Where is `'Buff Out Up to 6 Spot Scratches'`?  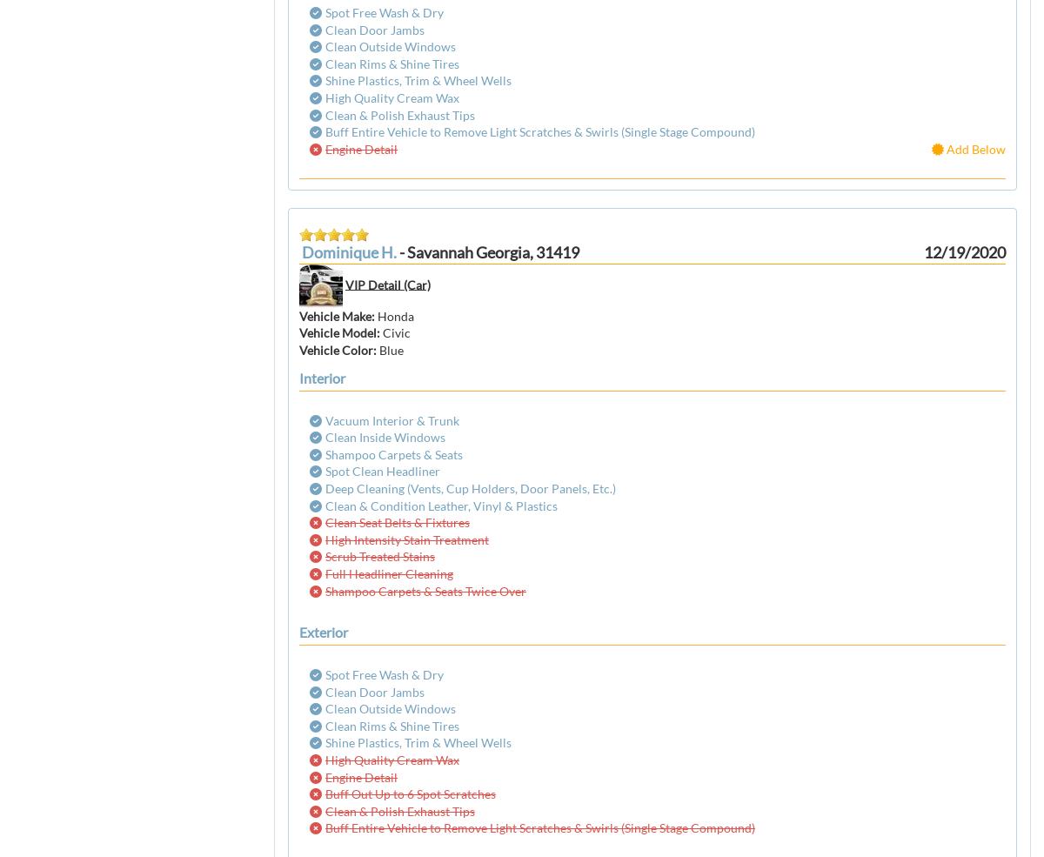
'Buff Out Up to 6 Spot Scratches' is located at coordinates (409, 793).